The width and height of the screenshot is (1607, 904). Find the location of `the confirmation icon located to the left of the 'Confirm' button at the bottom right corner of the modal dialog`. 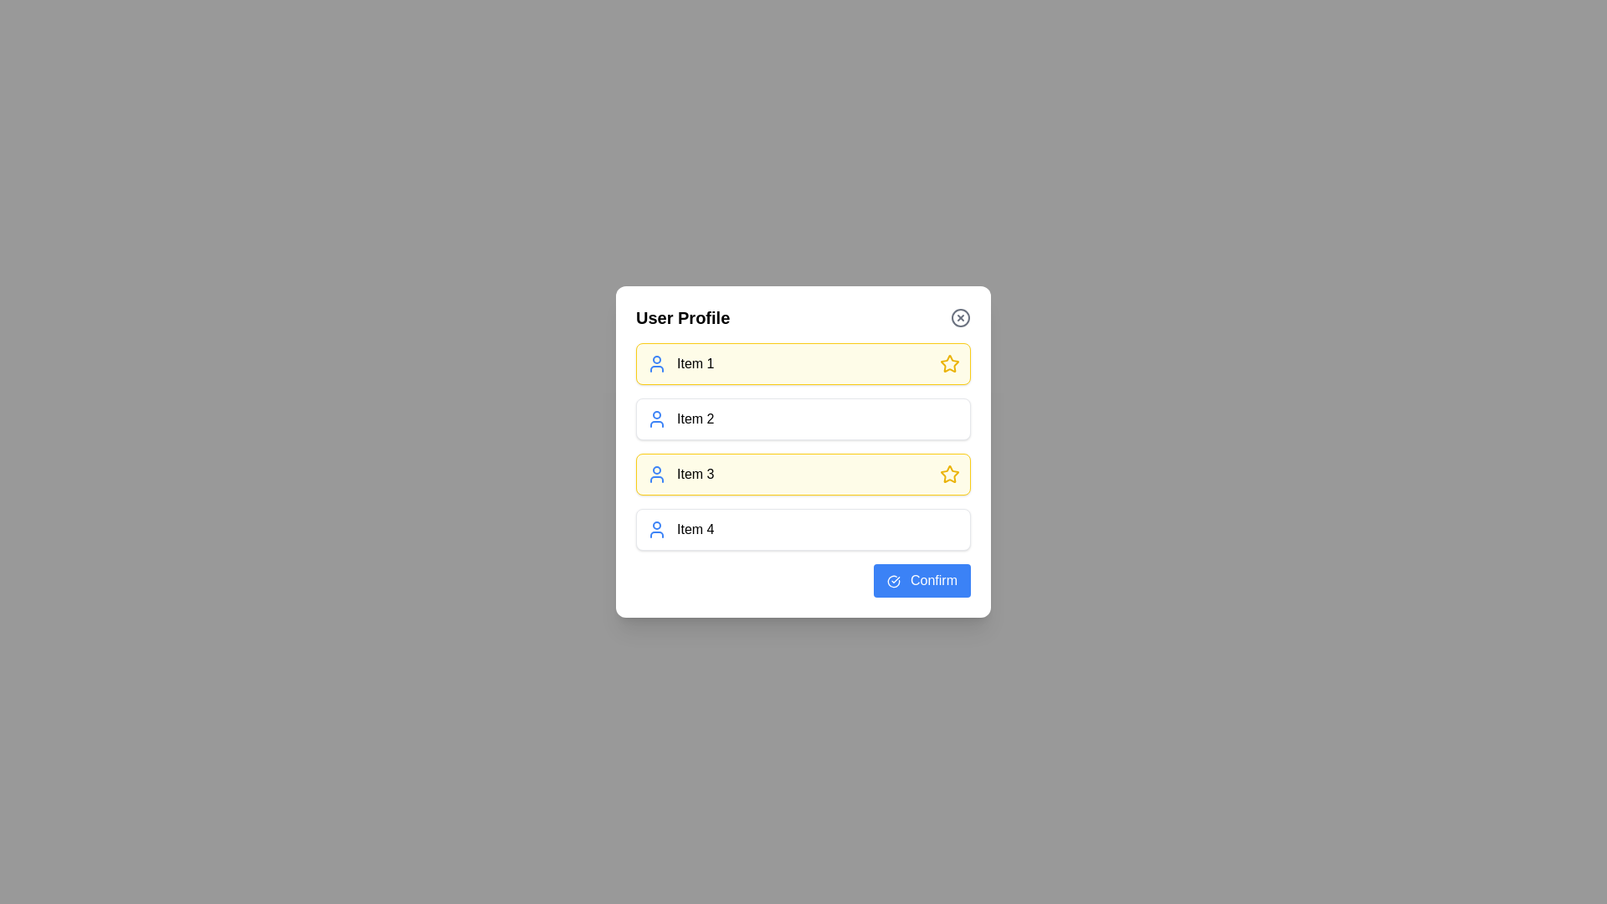

the confirmation icon located to the left of the 'Confirm' button at the bottom right corner of the modal dialog is located at coordinates (892, 580).